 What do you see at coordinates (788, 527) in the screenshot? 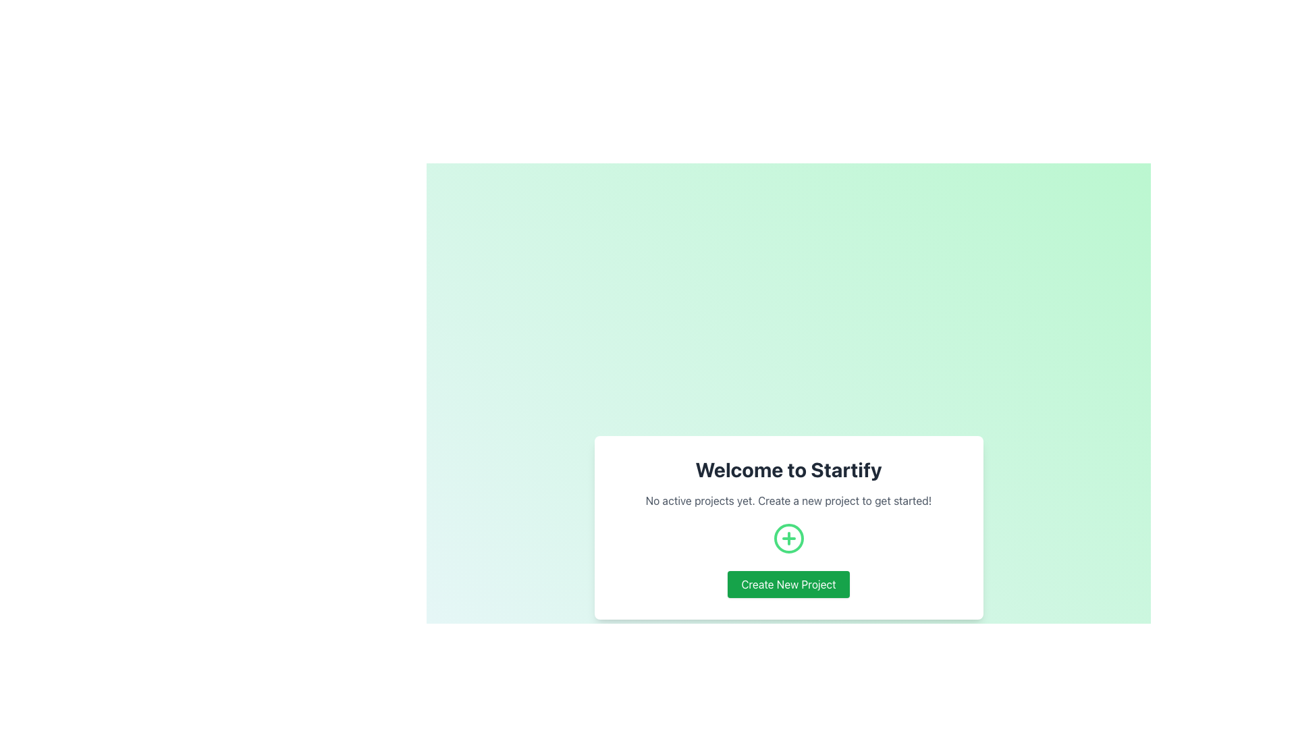
I see `the 'new project' icon located below the message 'No active projects yet. Create a new project to get started!' and above the 'Create New Project' button` at bounding box center [788, 527].